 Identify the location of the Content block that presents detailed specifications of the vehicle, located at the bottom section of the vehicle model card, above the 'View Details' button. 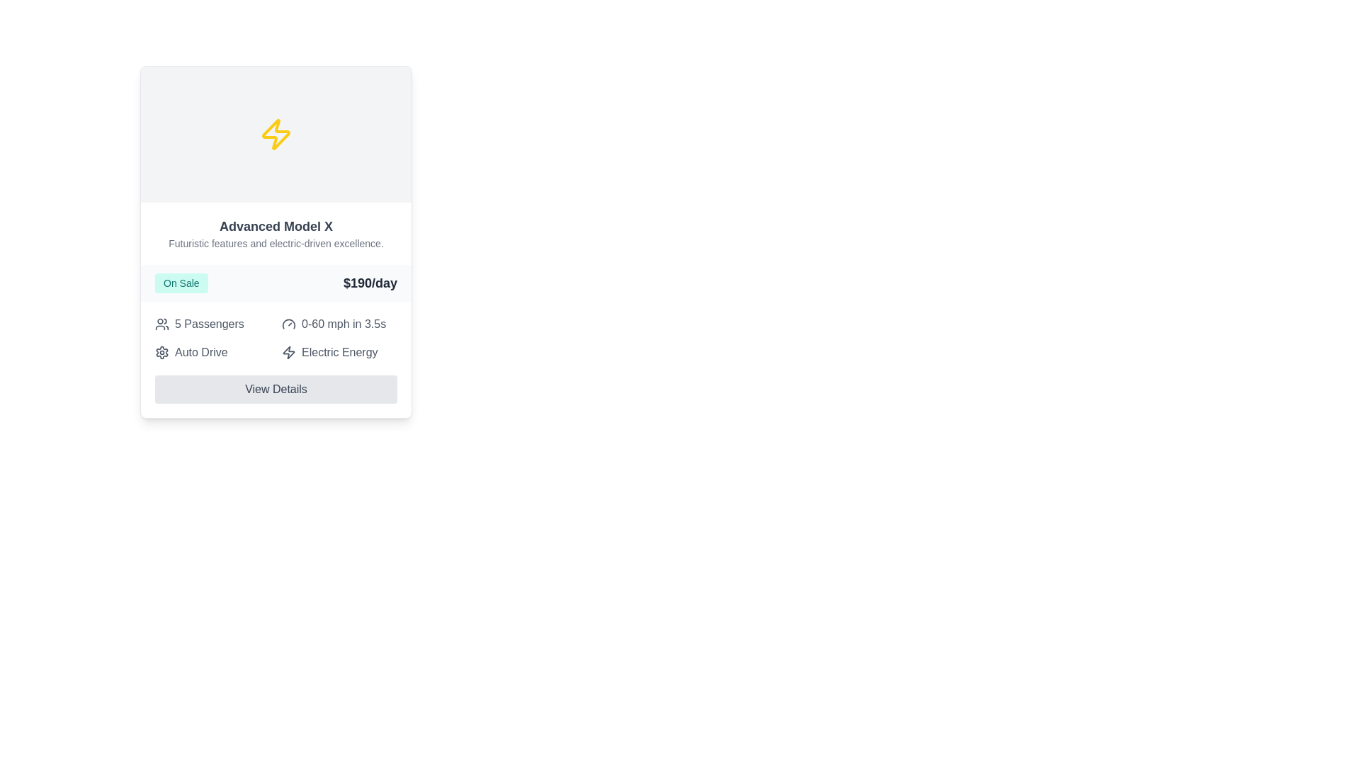
(276, 359).